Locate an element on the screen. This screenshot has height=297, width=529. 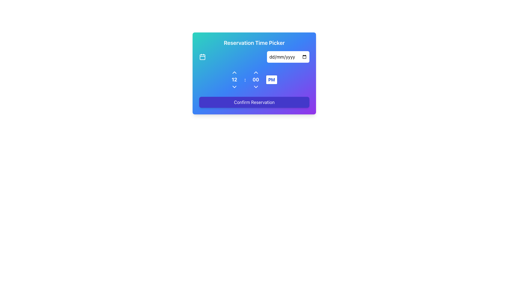
the increment button for the minutes input in the time picker interface, located in the top-right area above the displayed zero value is located at coordinates (255, 72).